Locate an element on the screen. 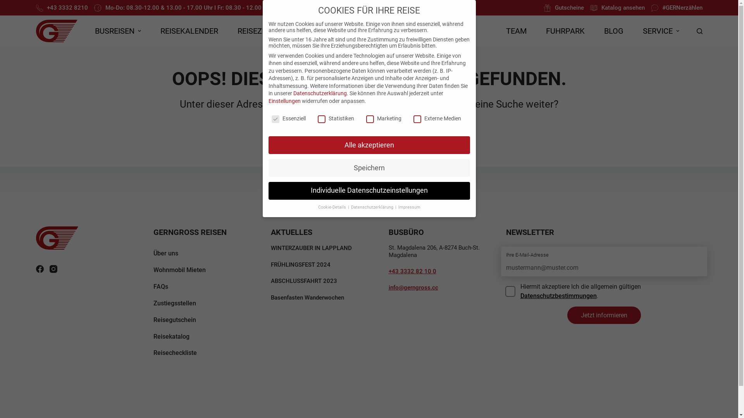 The image size is (744, 418). 'FUHRPARK' is located at coordinates (565, 31).